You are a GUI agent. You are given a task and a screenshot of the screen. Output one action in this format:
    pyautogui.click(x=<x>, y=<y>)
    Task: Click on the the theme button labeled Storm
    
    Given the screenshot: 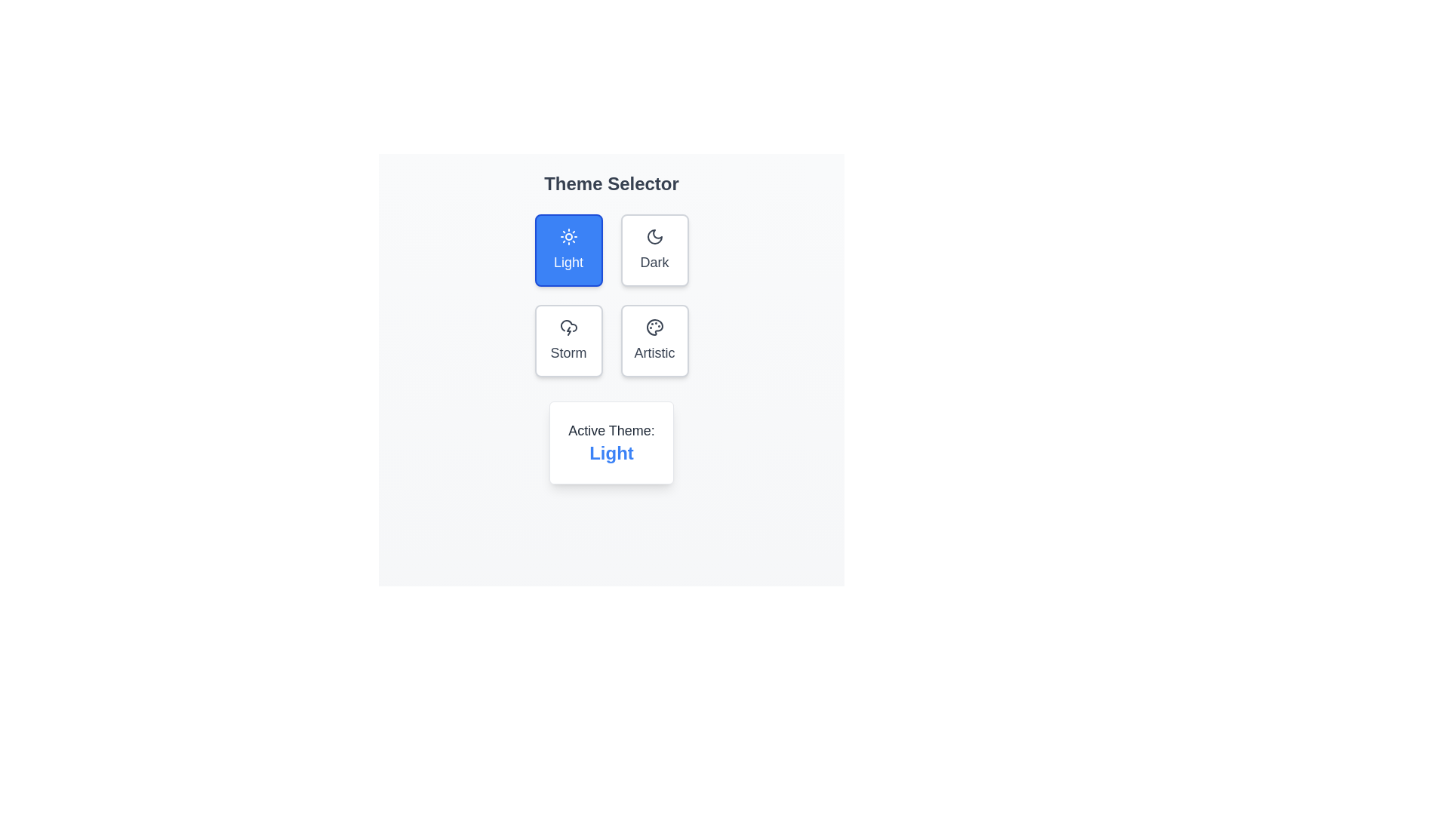 What is the action you would take?
    pyautogui.click(x=568, y=340)
    